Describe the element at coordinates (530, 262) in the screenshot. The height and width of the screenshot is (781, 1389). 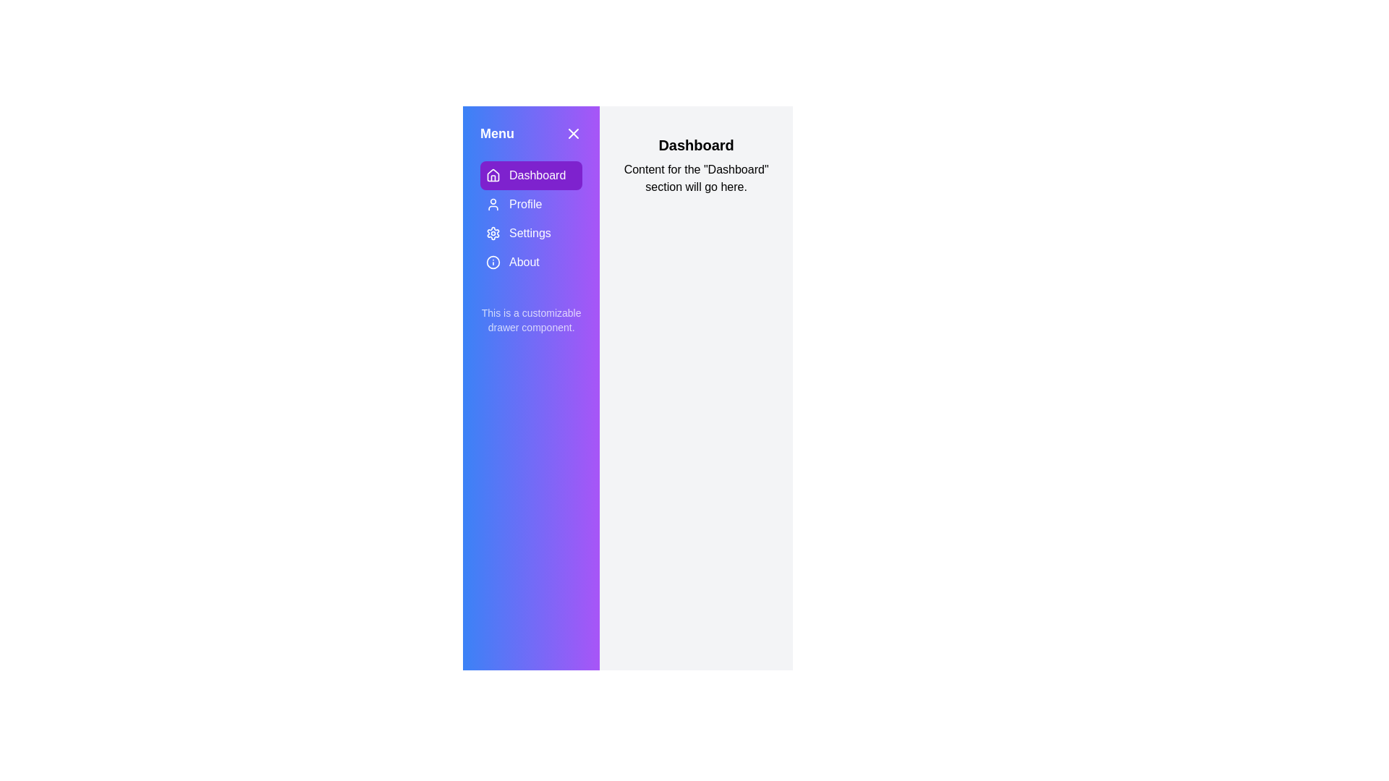
I see `the About section in the menu` at that location.